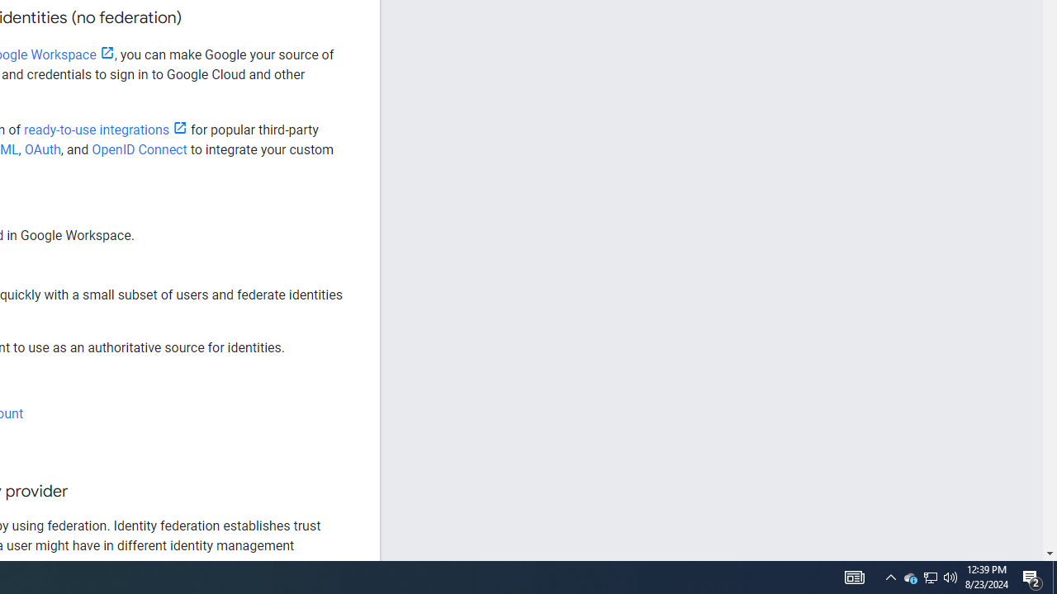  Describe the element at coordinates (139, 149) in the screenshot. I see `'OpenID Connect'` at that location.